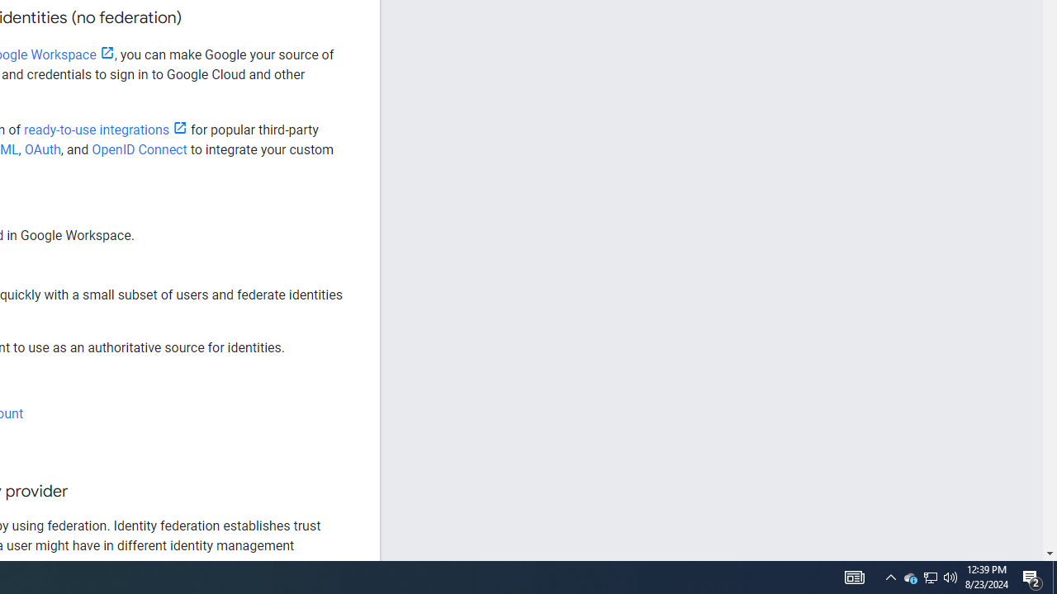  Describe the element at coordinates (139, 149) in the screenshot. I see `'OpenID Connect'` at that location.